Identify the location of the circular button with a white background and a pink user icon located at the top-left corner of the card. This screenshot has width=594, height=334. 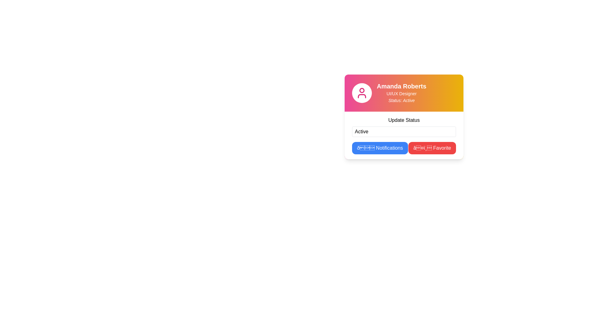
(362, 93).